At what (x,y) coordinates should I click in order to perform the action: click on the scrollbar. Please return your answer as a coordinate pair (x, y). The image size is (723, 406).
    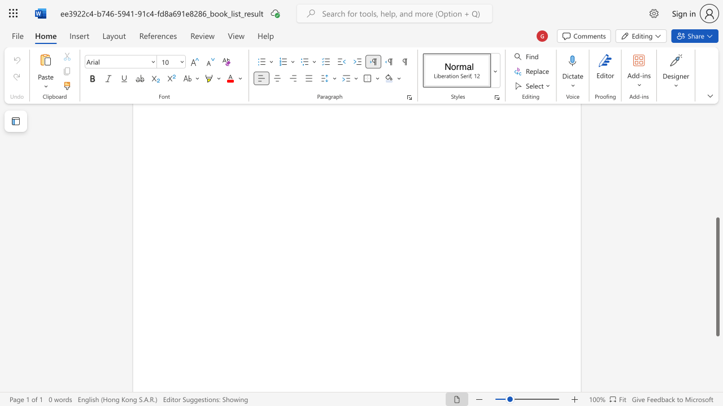
    Looking at the image, I should click on (717, 191).